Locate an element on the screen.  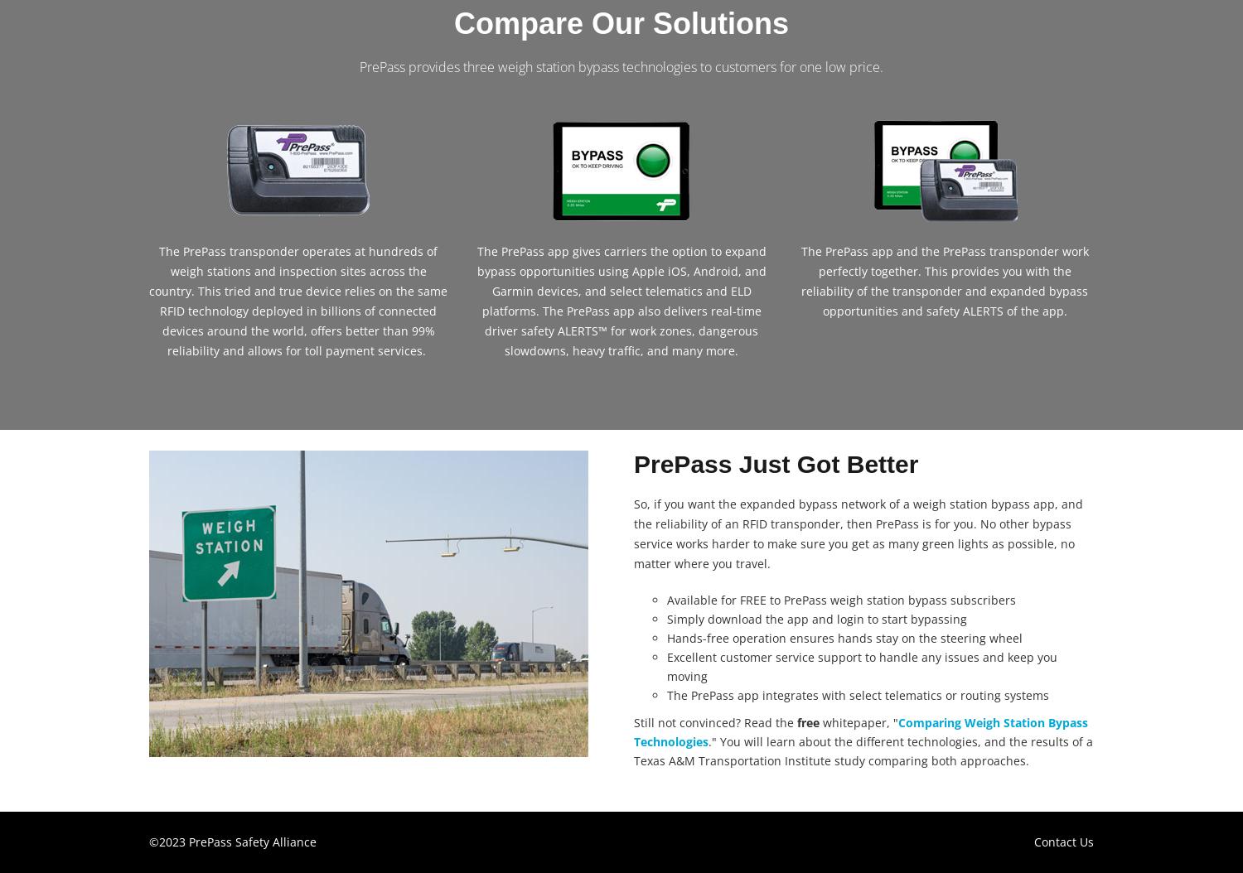
'Available for FREE to PrePass weigh station bypass subscribers' is located at coordinates (841, 598).